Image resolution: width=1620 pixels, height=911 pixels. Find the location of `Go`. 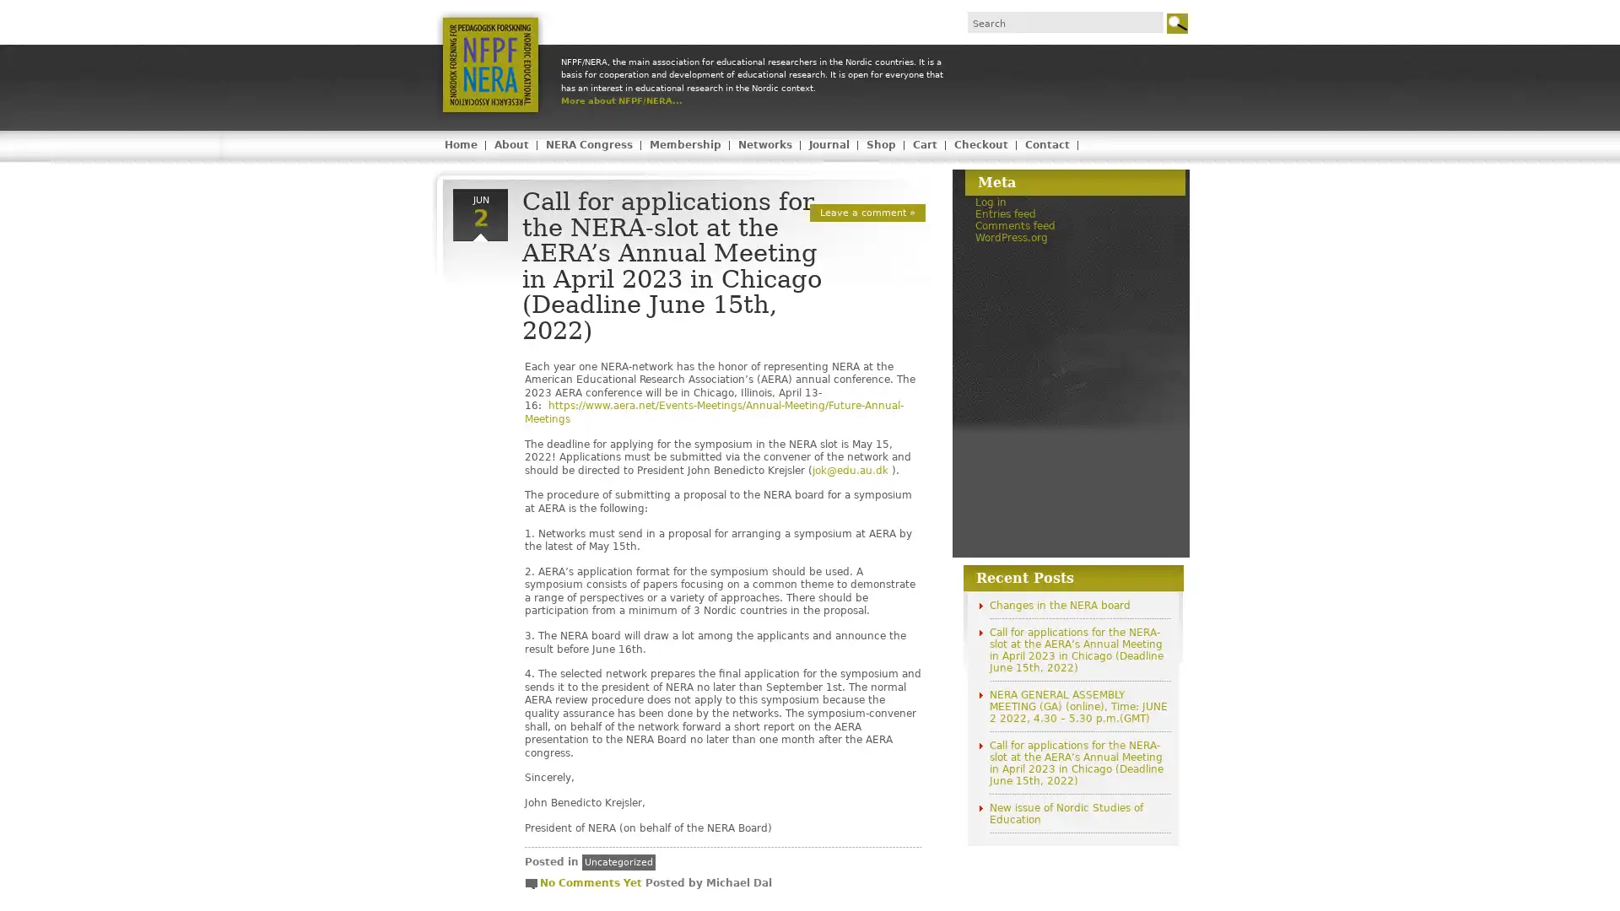

Go is located at coordinates (1176, 23).